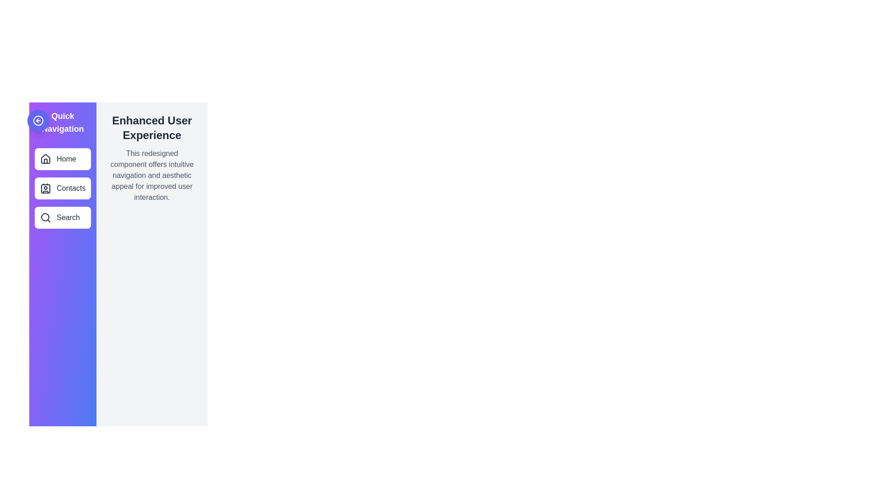 The width and height of the screenshot is (878, 494). I want to click on the menu item Search from the drawer, so click(62, 217).